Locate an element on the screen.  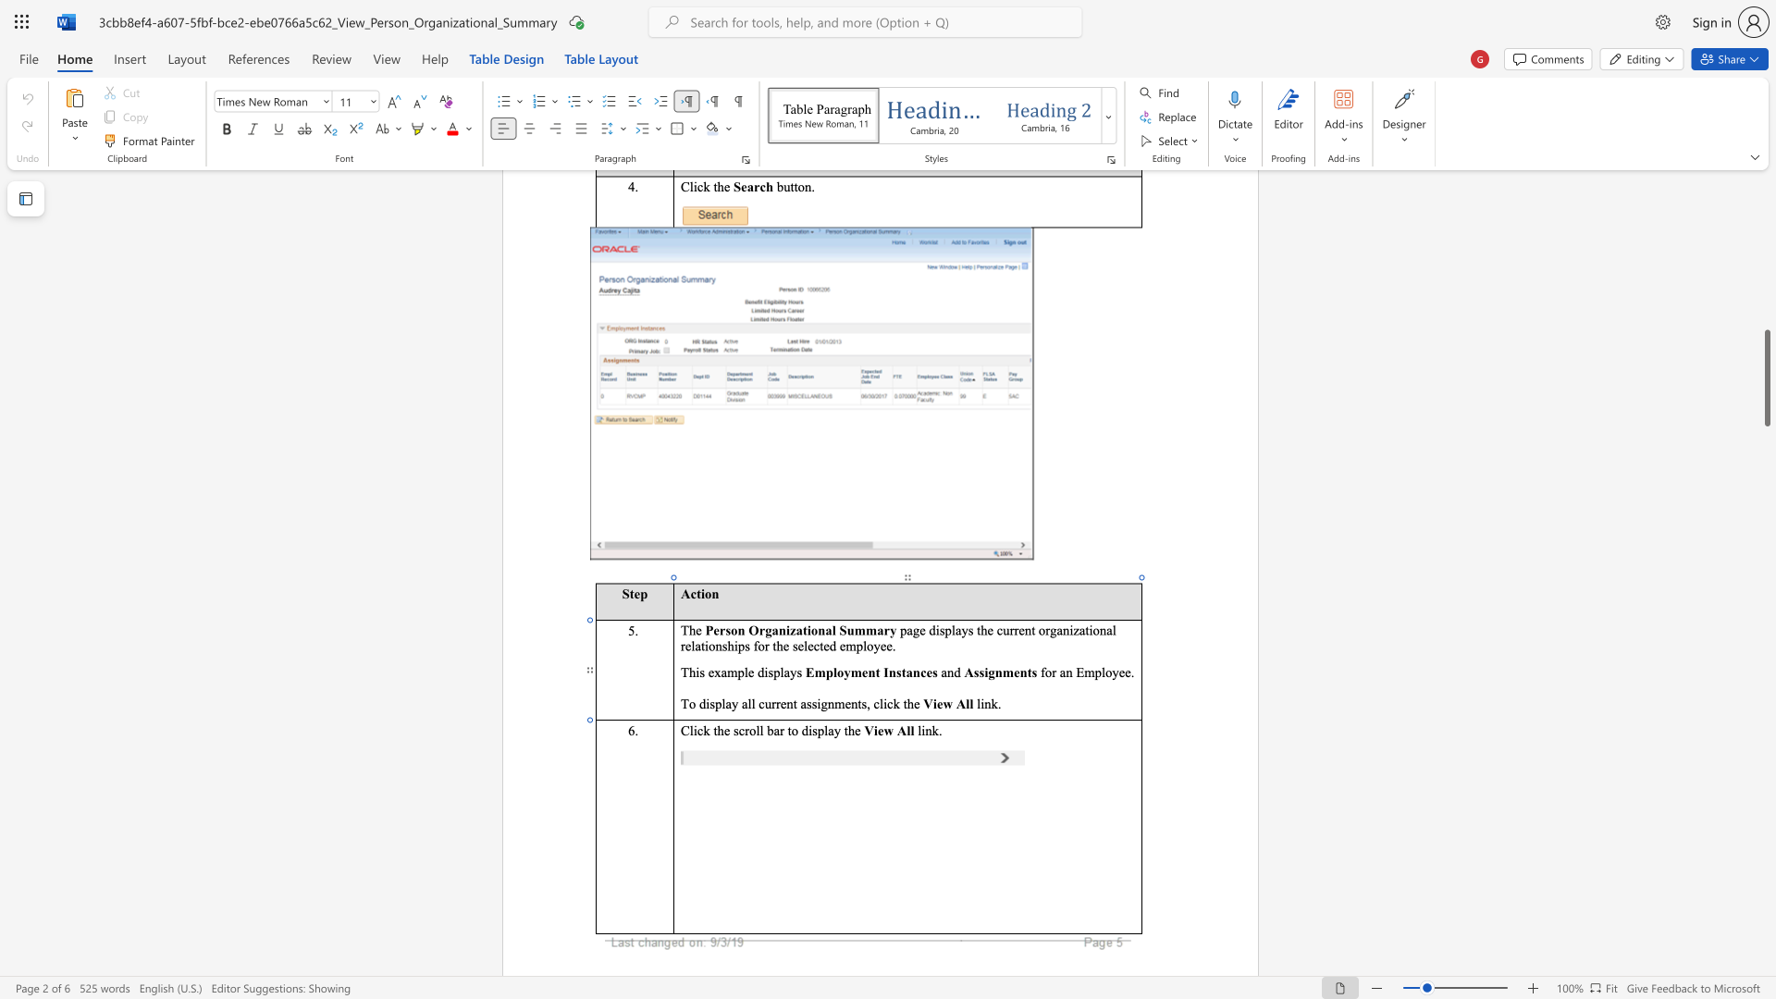
the 1th character "r" in the text is located at coordinates (746, 729).